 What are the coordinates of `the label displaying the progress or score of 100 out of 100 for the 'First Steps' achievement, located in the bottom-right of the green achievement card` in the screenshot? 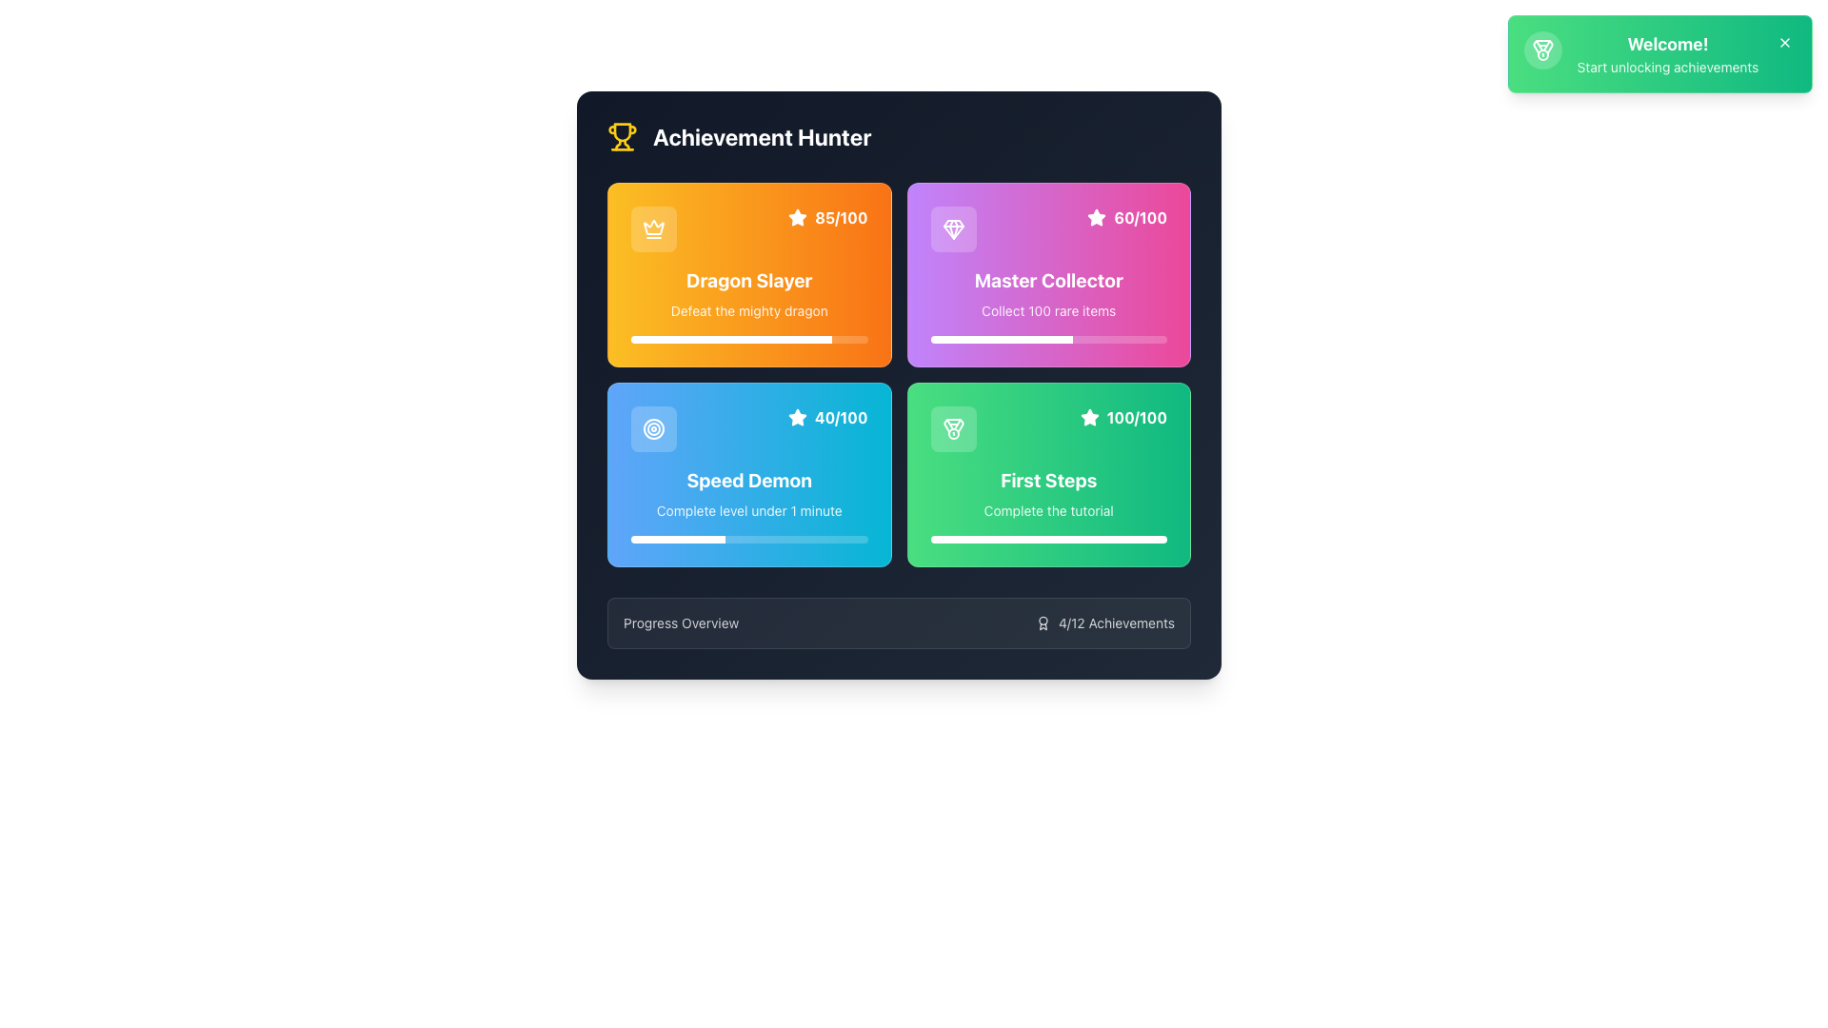 It's located at (1123, 417).